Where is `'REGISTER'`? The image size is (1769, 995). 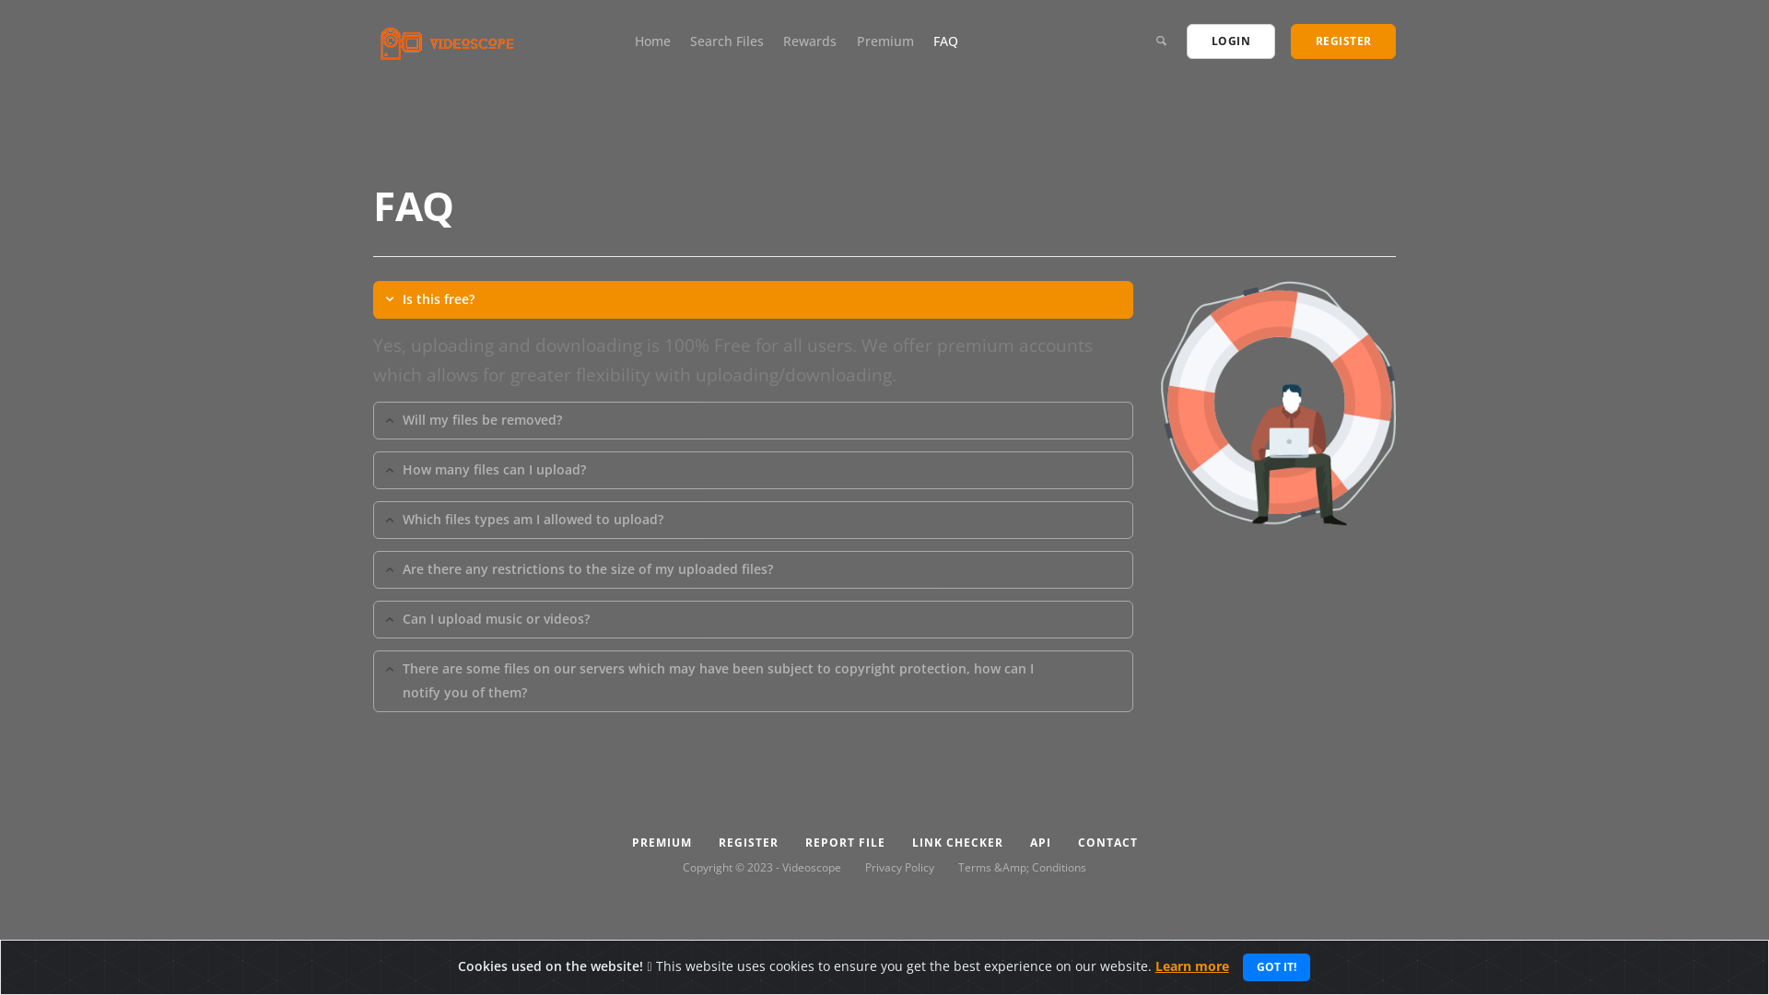 'REGISTER' is located at coordinates (1342, 41).